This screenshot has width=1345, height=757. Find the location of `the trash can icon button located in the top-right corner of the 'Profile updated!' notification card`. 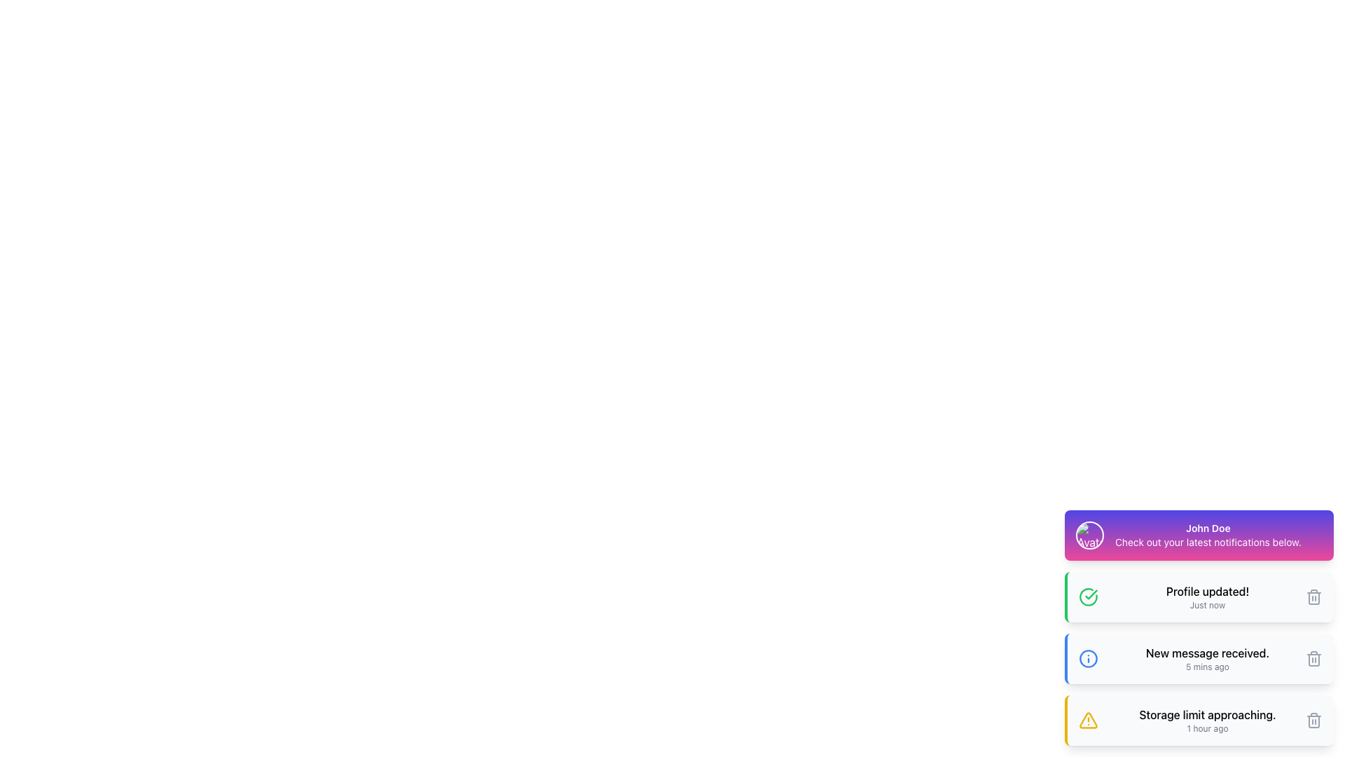

the trash can icon button located in the top-right corner of the 'Profile updated!' notification card is located at coordinates (1313, 597).